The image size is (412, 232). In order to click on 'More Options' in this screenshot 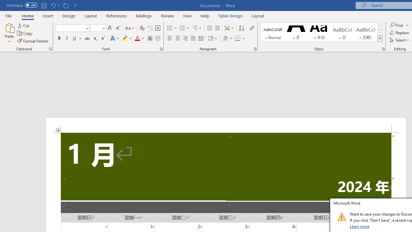, I will do `click(407, 25)`.